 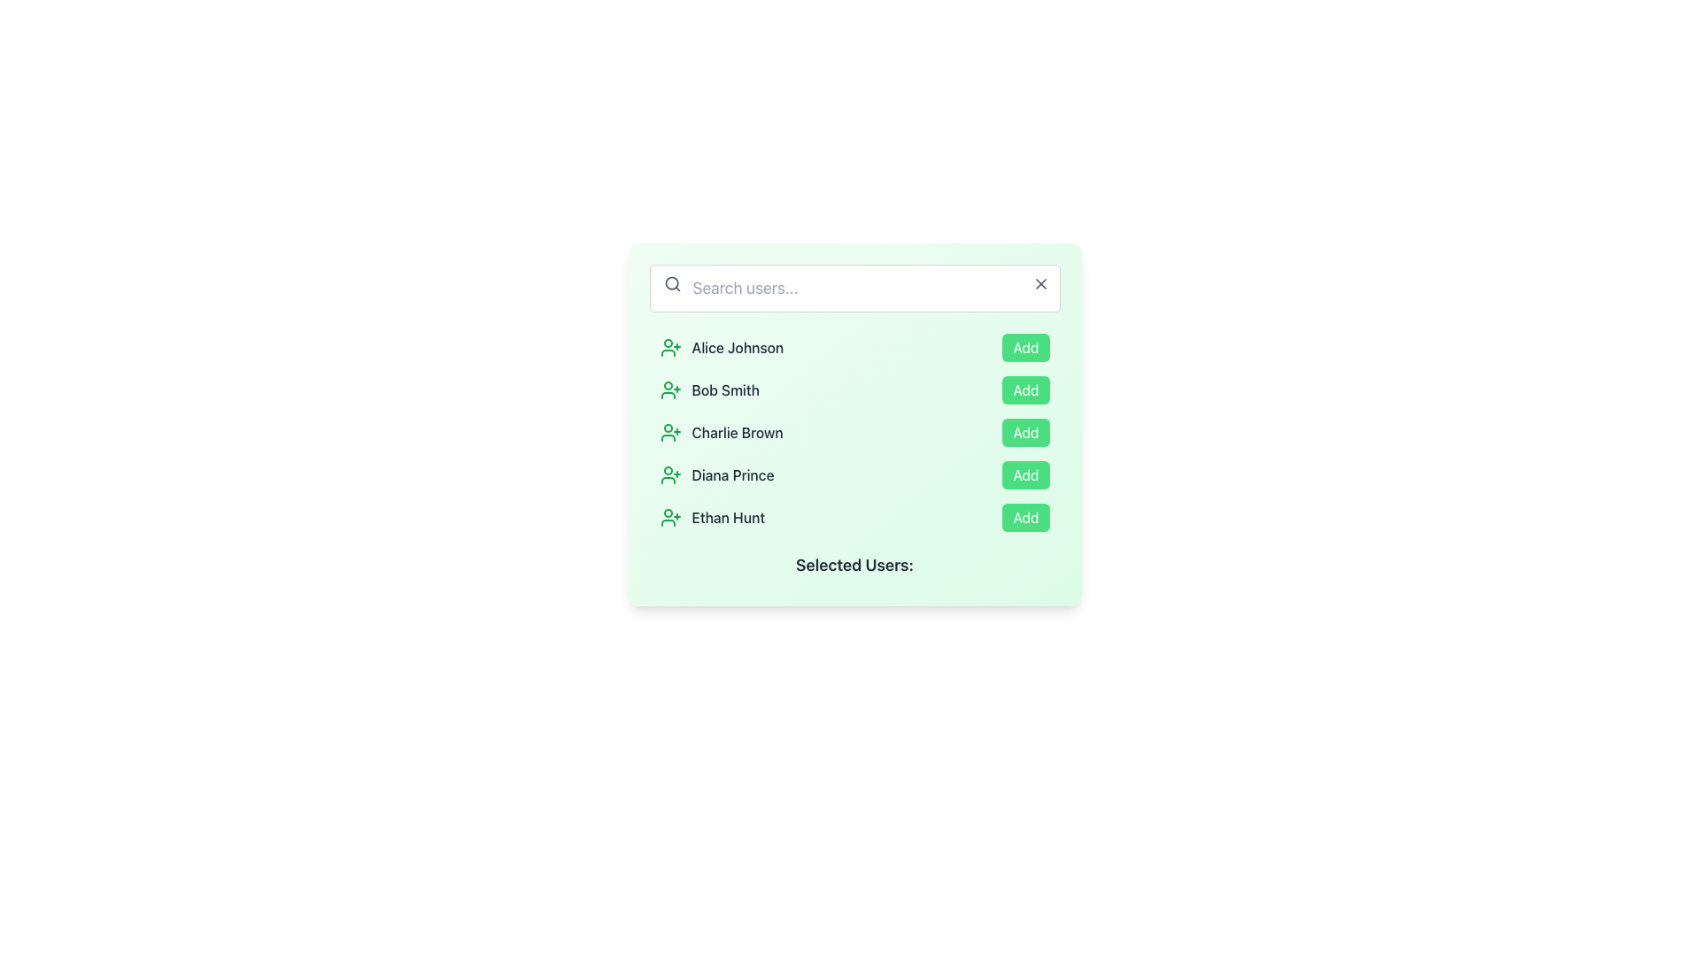 What do you see at coordinates (1025, 518) in the screenshot?
I see `the green 'Add' button with white text located at the bottom right of the list item associated with 'Ethan Hunt'` at bounding box center [1025, 518].